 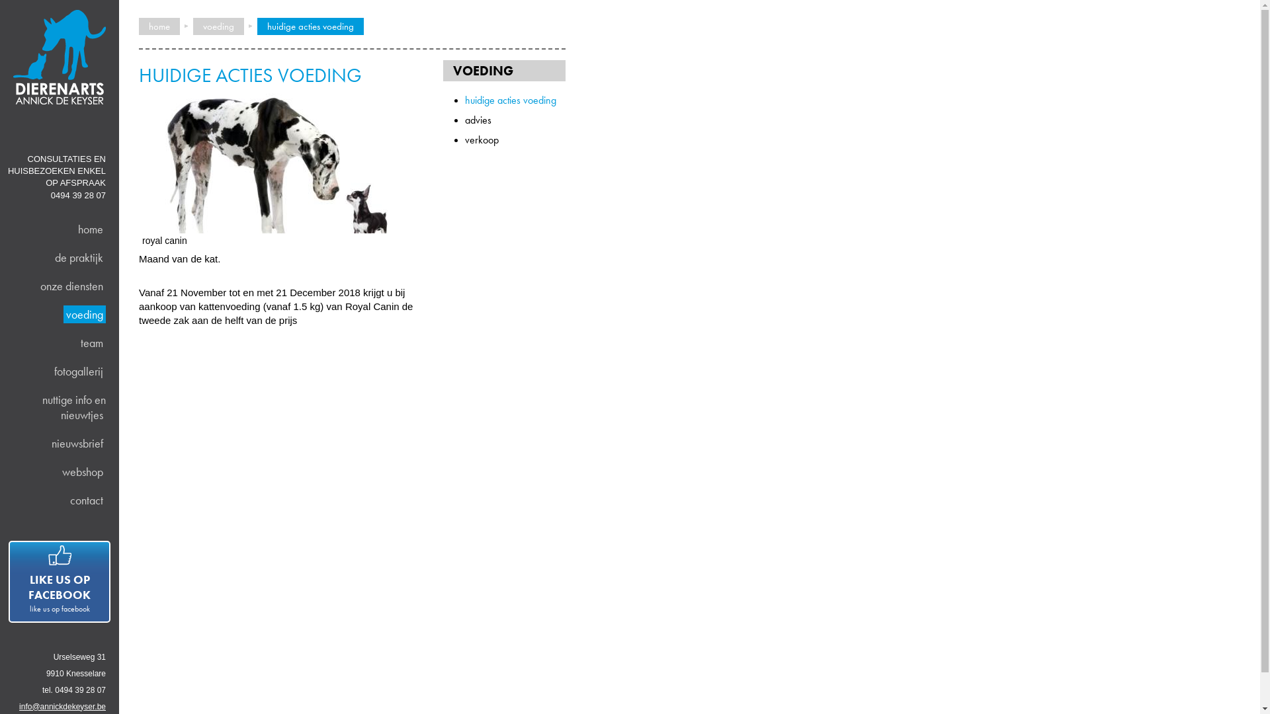 What do you see at coordinates (85, 500) in the screenshot?
I see `'contact'` at bounding box center [85, 500].